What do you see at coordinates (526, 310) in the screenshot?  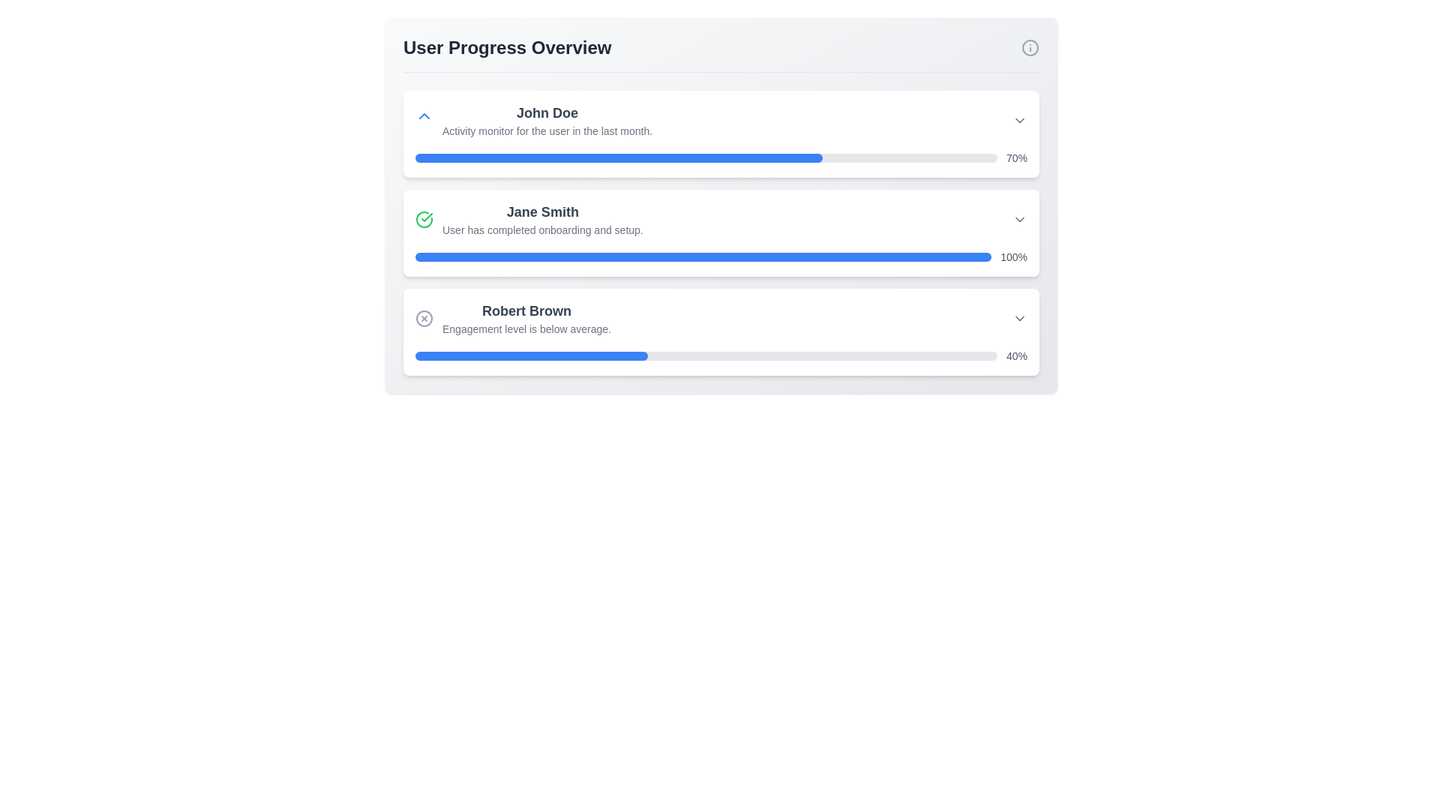 I see `the user's name text, which is centrally located within a box containing a progress bar and status text, serving as an identifier for a progress entry` at bounding box center [526, 310].